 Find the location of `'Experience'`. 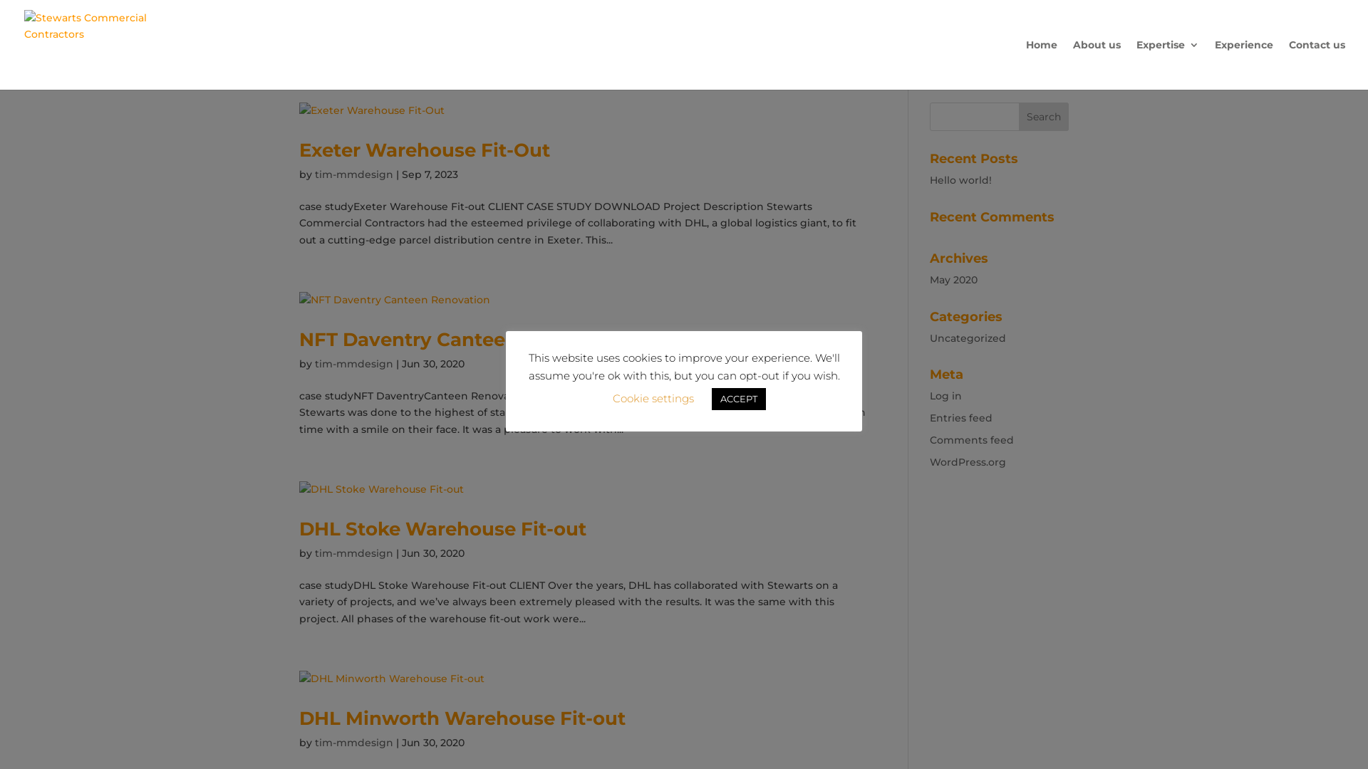

'Experience' is located at coordinates (1243, 65).